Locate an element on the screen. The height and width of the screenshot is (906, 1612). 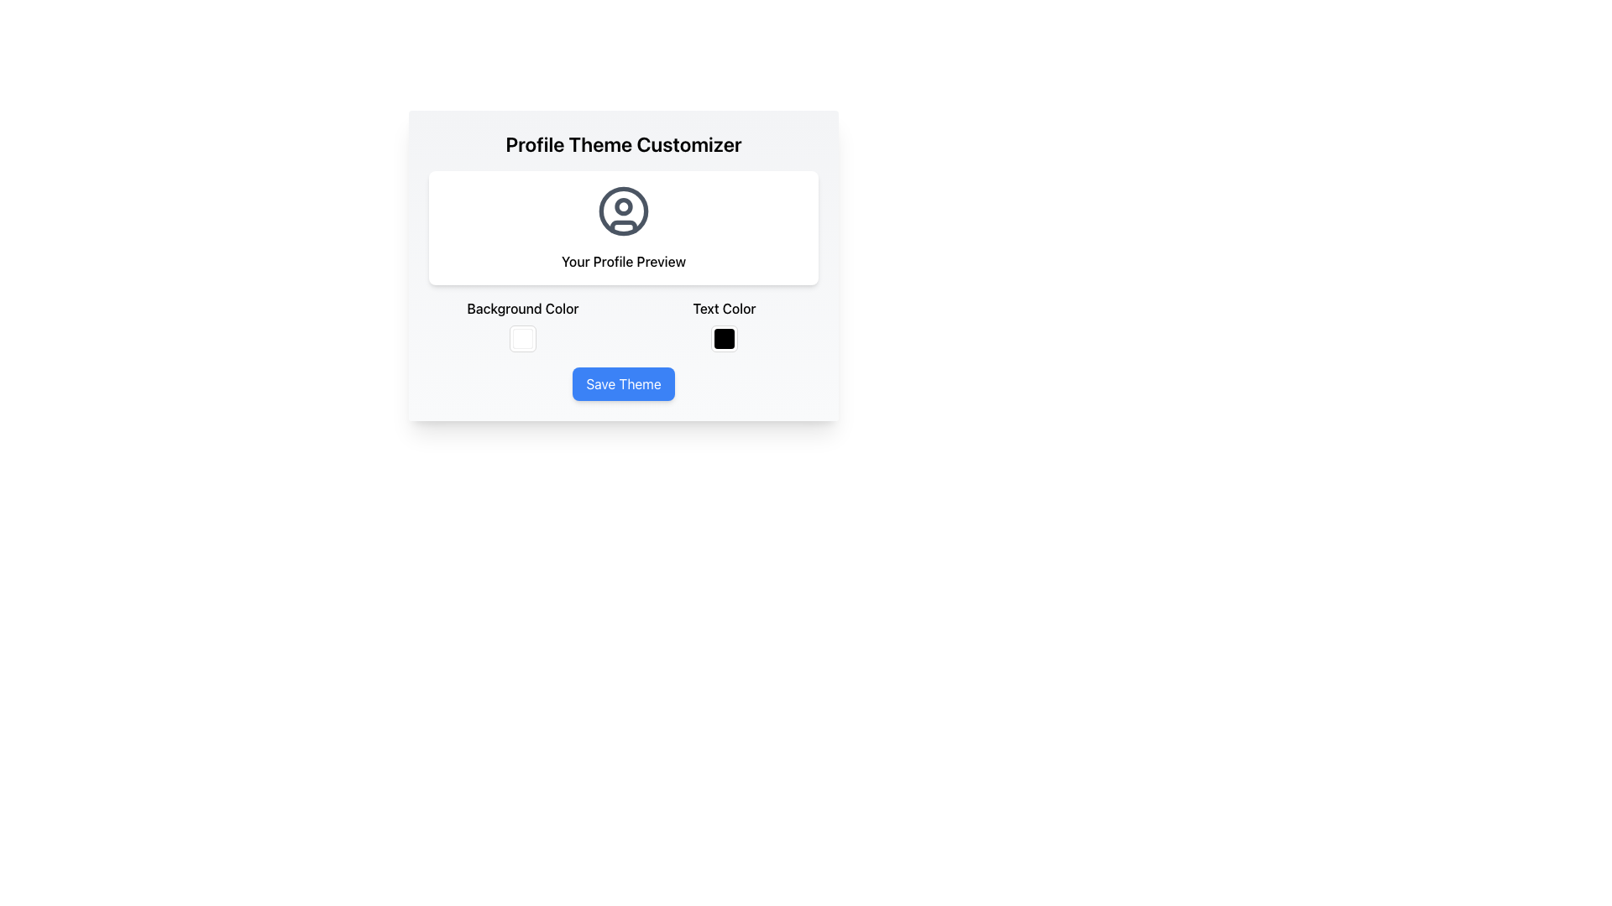
the Color Picker located at the top-left corner of the layout, right below the 'Your Profile Preview' section is located at coordinates (522, 326).